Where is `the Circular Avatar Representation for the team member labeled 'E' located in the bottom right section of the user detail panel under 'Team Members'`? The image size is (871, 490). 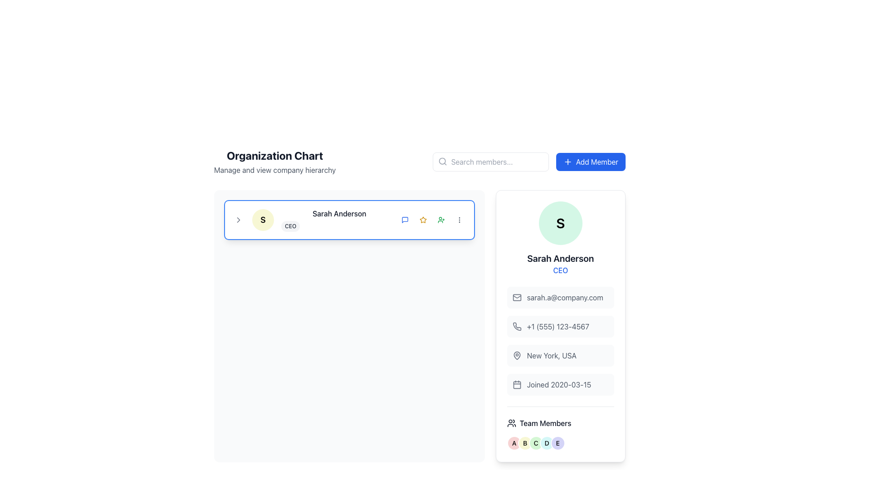 the Circular Avatar Representation for the team member labeled 'E' located in the bottom right section of the user detail panel under 'Team Members' is located at coordinates (560, 442).